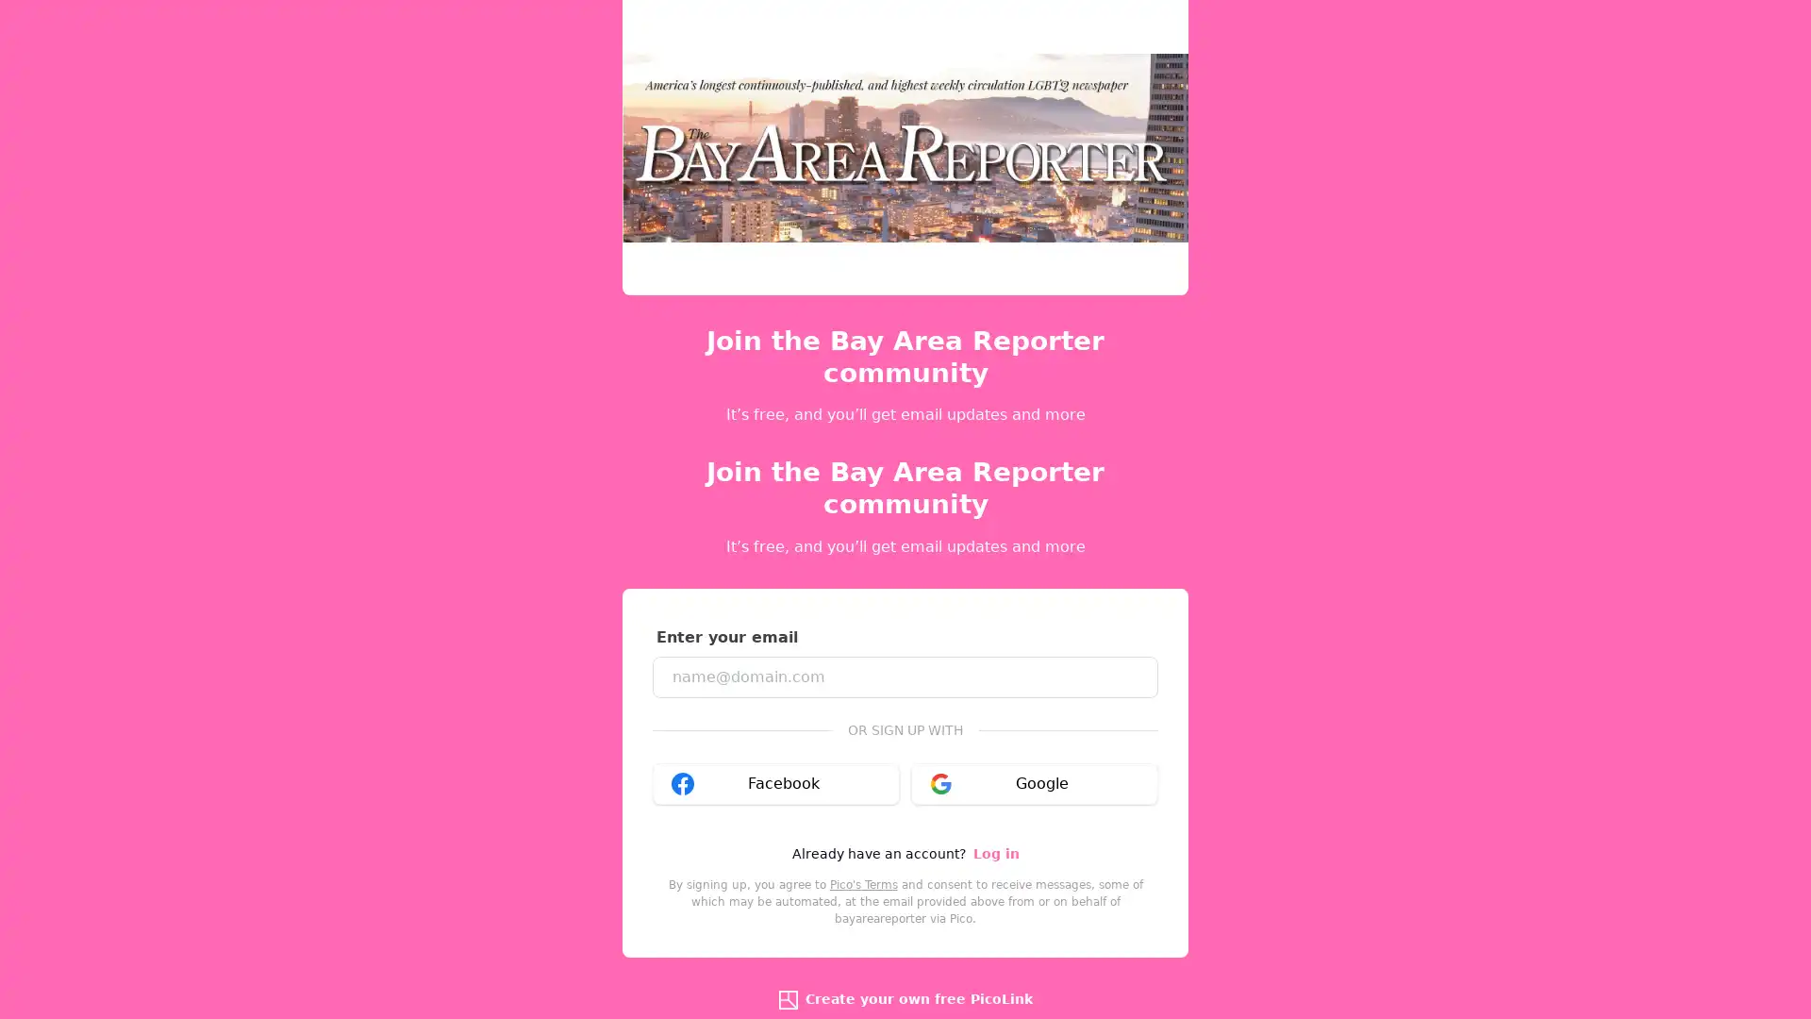  Describe the element at coordinates (775, 782) in the screenshot. I see `Facebook` at that location.